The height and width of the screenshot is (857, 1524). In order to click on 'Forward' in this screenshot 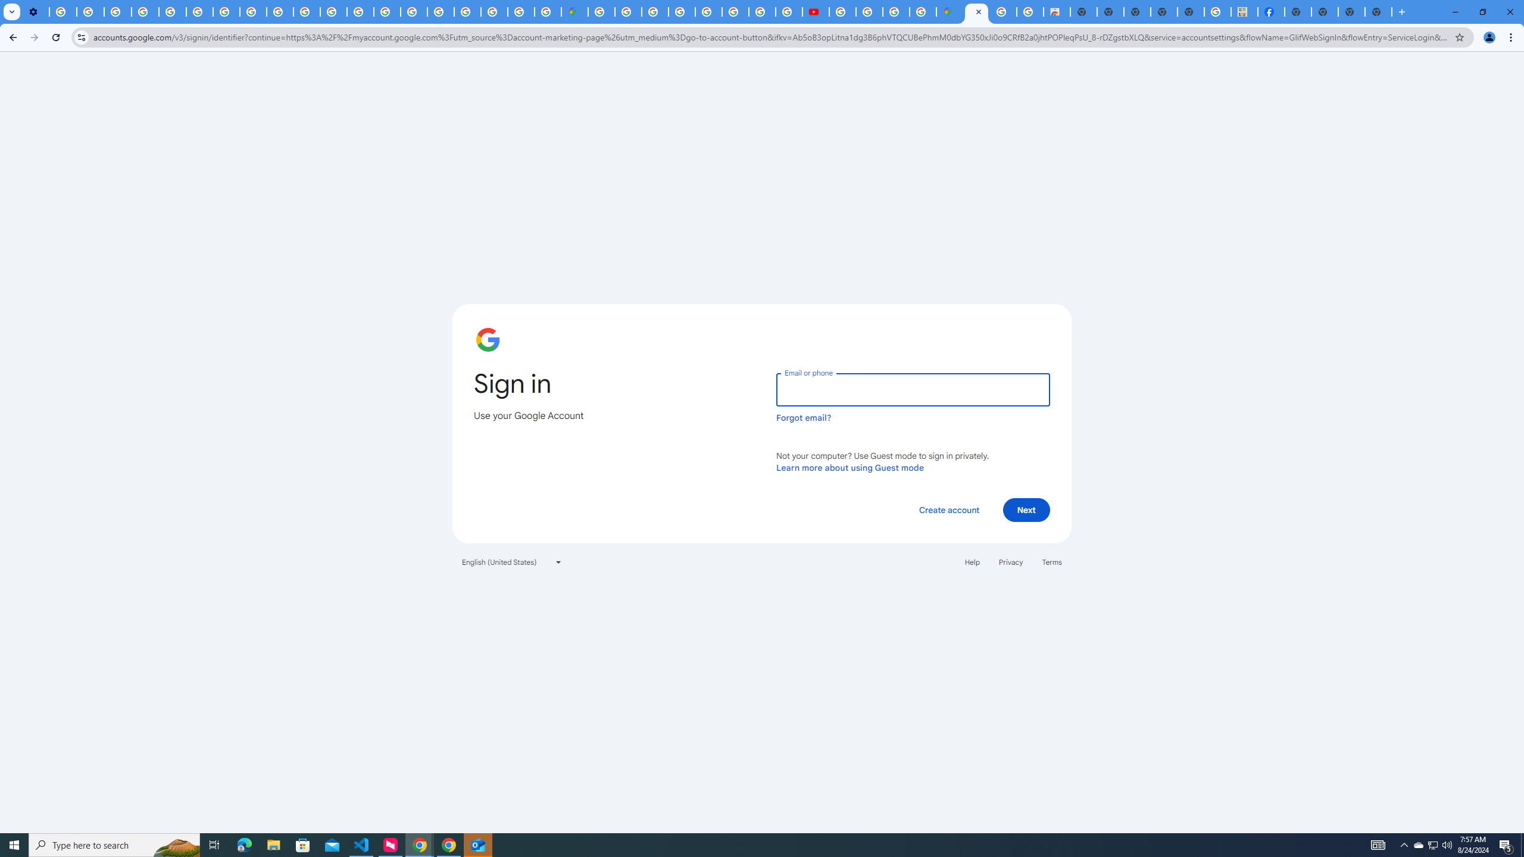, I will do `click(34, 37)`.